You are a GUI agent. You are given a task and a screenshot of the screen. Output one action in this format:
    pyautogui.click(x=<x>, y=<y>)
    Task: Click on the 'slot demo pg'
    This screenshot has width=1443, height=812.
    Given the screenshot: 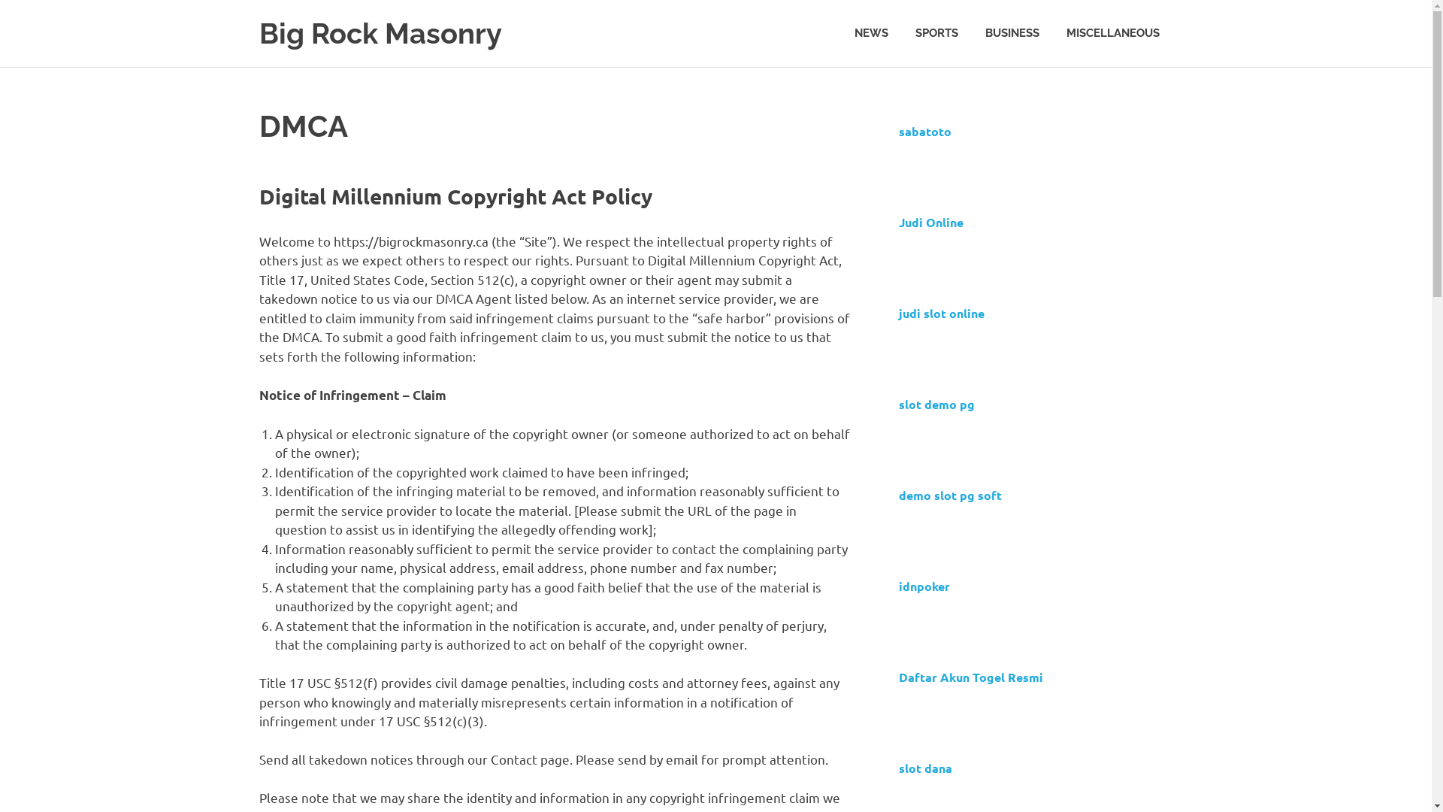 What is the action you would take?
    pyautogui.click(x=936, y=402)
    